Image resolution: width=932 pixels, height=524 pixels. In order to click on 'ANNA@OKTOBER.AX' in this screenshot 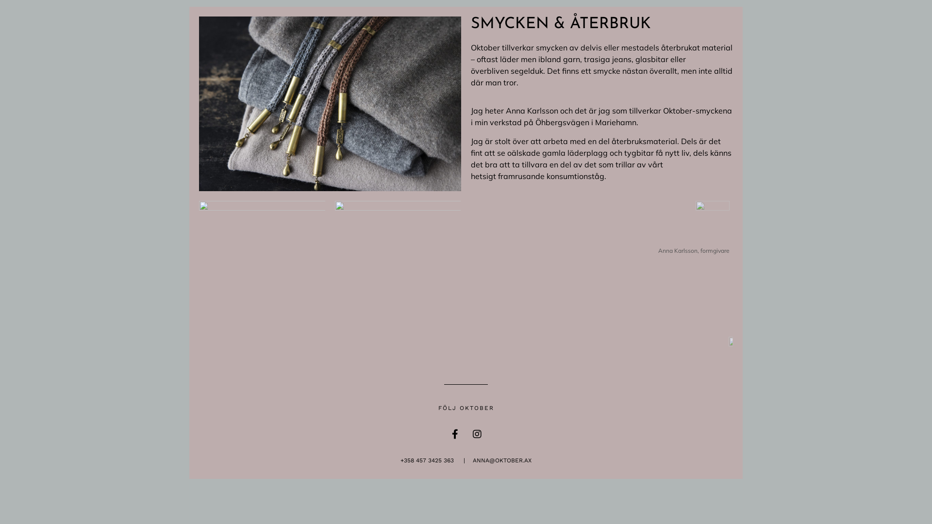, I will do `click(502, 459)`.